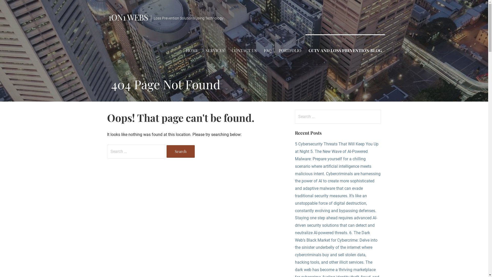  I want to click on 'CONTACT US', so click(244, 50).